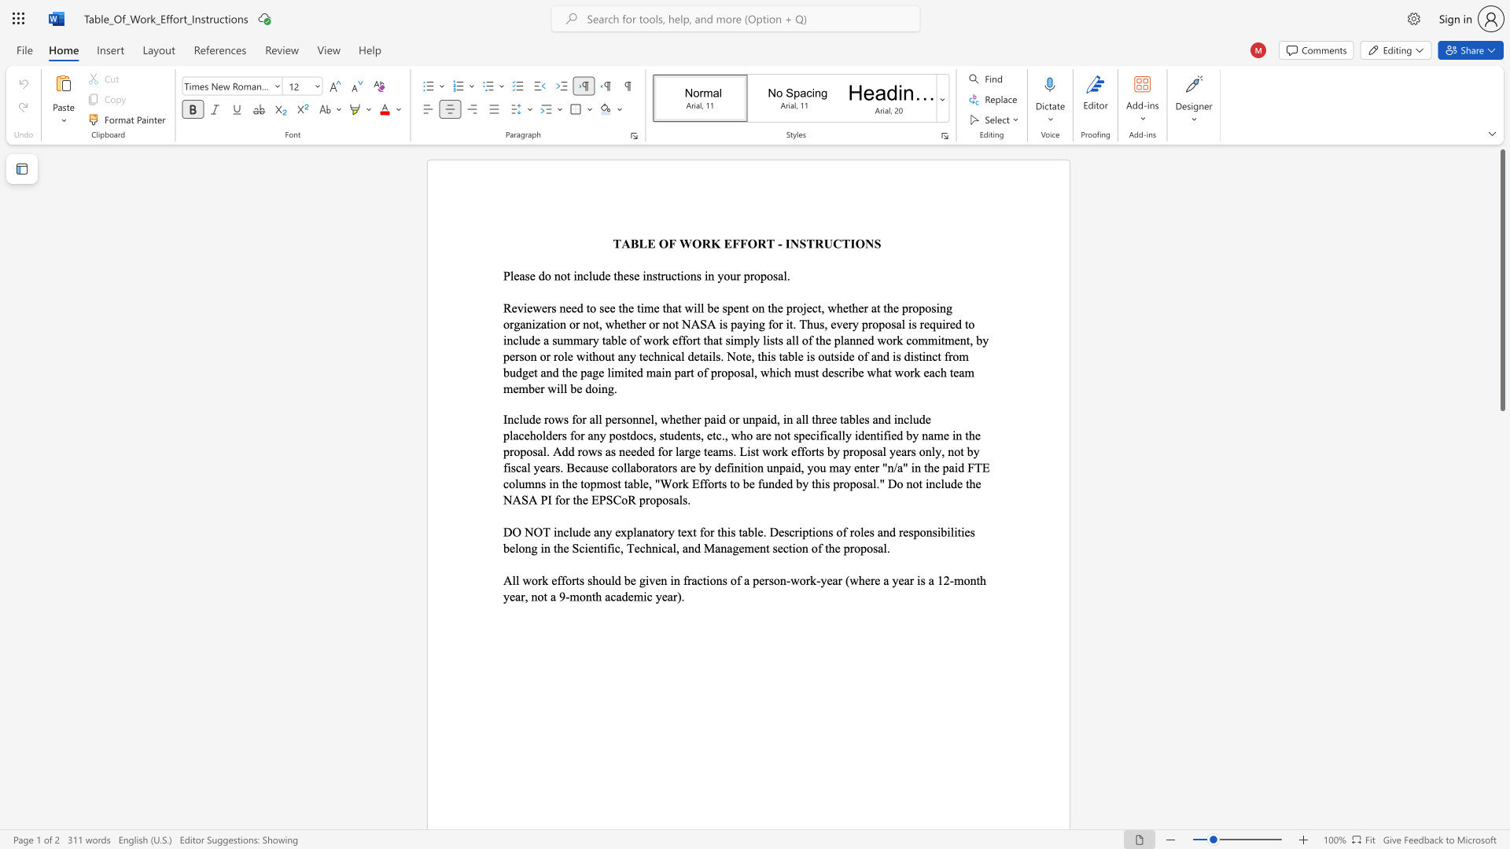 This screenshot has width=1510, height=849. I want to click on the scrollbar to scroll downward, so click(1501, 769).